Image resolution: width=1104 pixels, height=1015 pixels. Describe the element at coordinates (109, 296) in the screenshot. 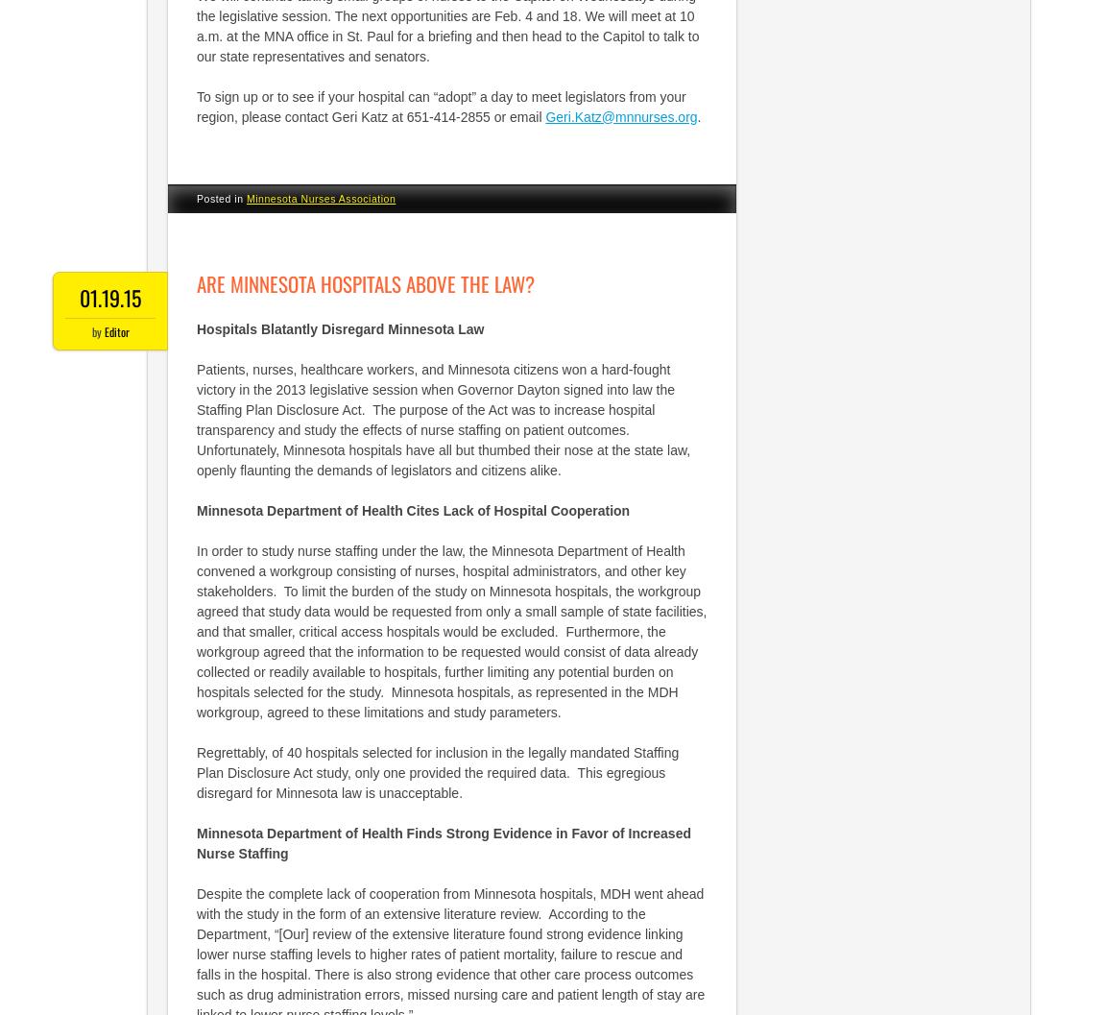

I see `'01.19.15'` at that location.